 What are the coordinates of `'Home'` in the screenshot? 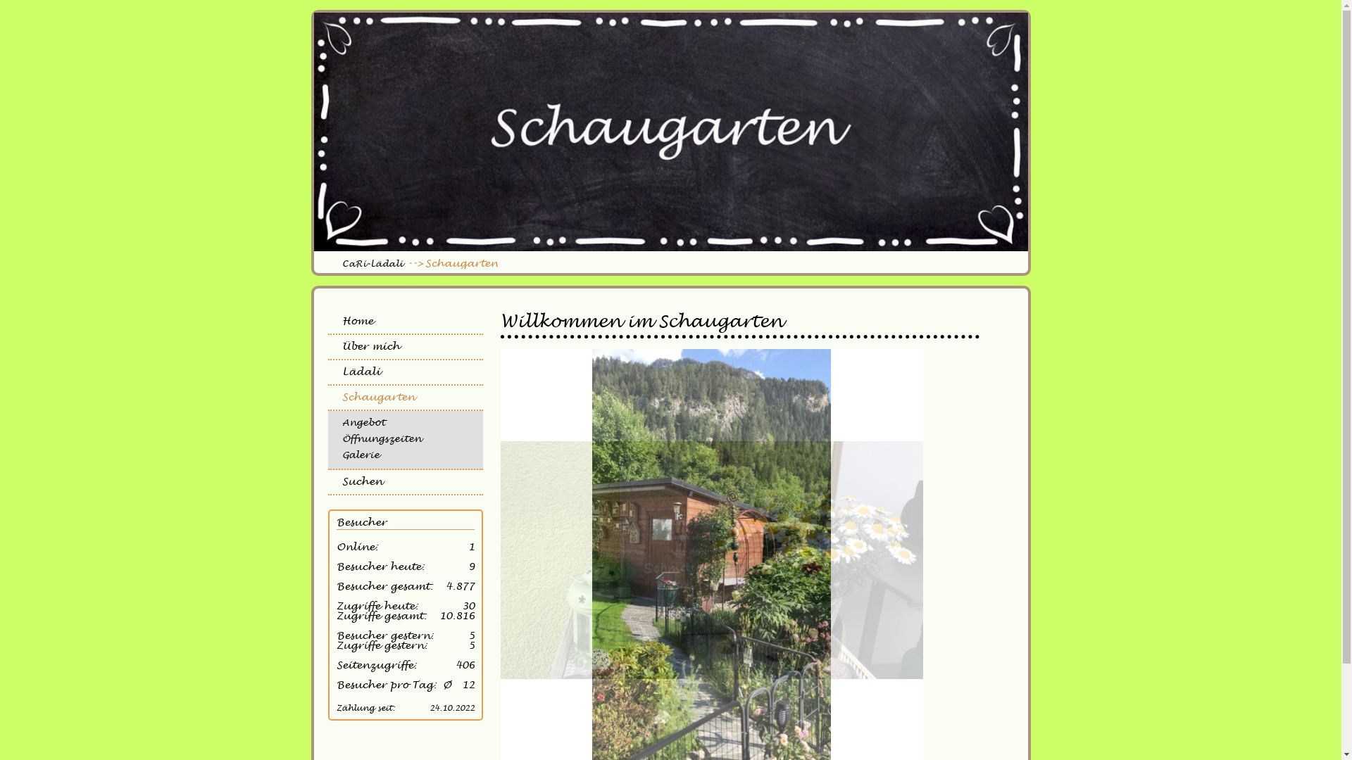 It's located at (405, 322).